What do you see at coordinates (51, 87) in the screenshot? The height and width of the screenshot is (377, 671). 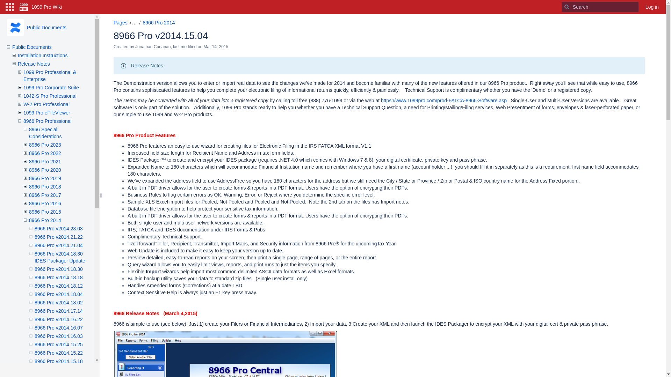 I see `'1099 Pro Corporate Suite'` at bounding box center [51, 87].